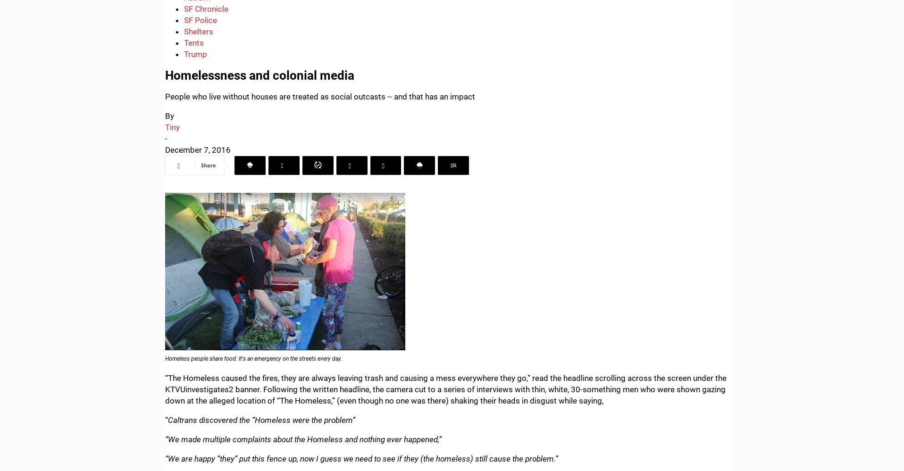  Describe the element at coordinates (445, 389) in the screenshot. I see `'“The Homeless caused the fires, they are always leaving trash and causing a mess everywhere they go,” read the headline scrolling across the screen under the KTVUinvestigates2 banner. Following the written headline, the camera cut to a series of interviews with thin, white, 30-something men who were shown gazing down at the alleged location of “The Homeless,” (even though no one was there) shaking their heads in disgust while saying,'` at that location.